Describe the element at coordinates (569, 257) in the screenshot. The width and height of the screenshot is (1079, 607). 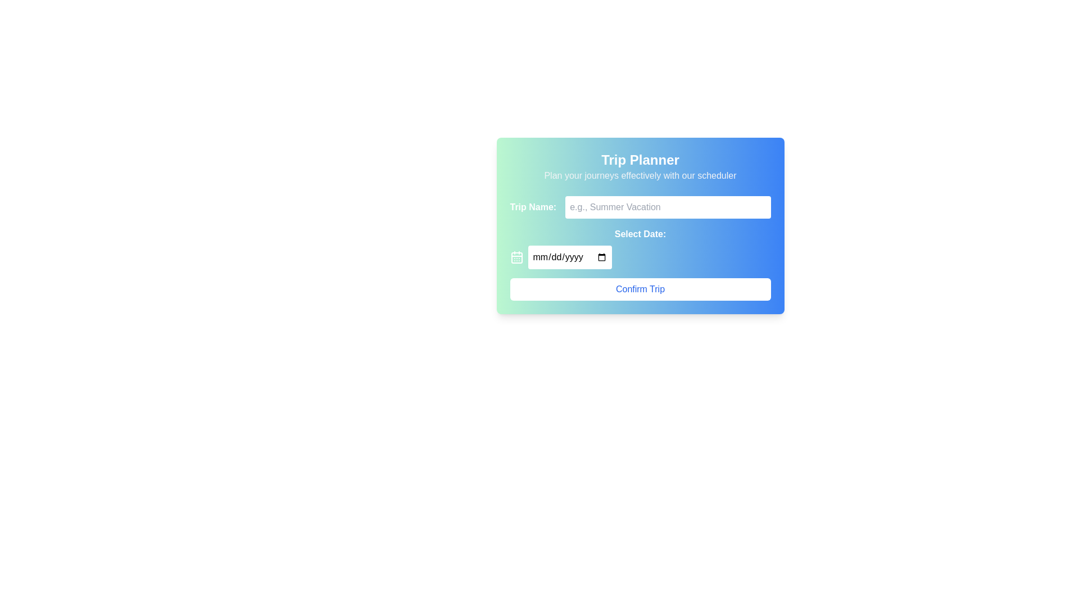
I see `the Date input field located beneath the 'Select Date:' label` at that location.